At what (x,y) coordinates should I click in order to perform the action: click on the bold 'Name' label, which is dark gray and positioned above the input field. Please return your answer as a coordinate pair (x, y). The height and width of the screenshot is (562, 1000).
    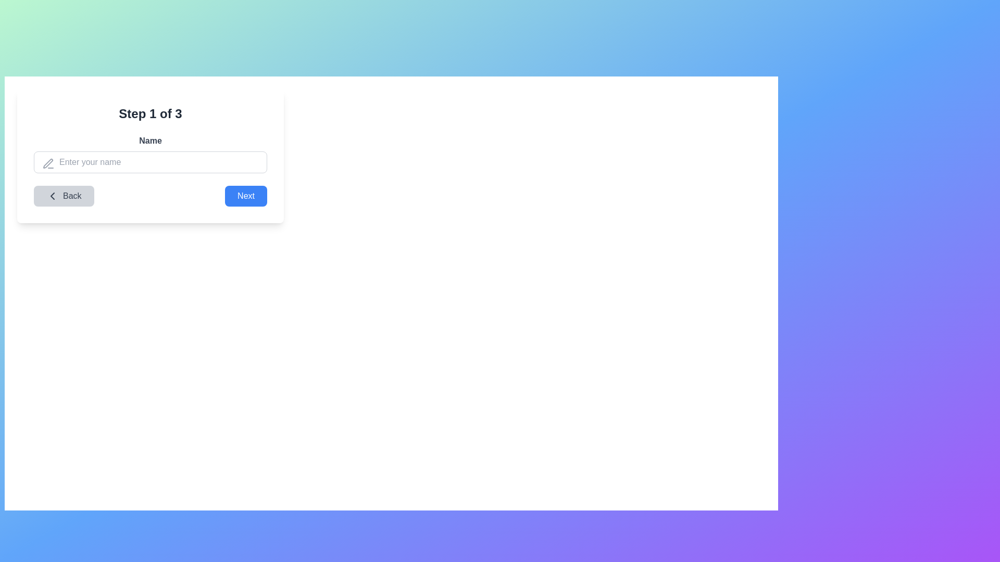
    Looking at the image, I should click on (149, 140).